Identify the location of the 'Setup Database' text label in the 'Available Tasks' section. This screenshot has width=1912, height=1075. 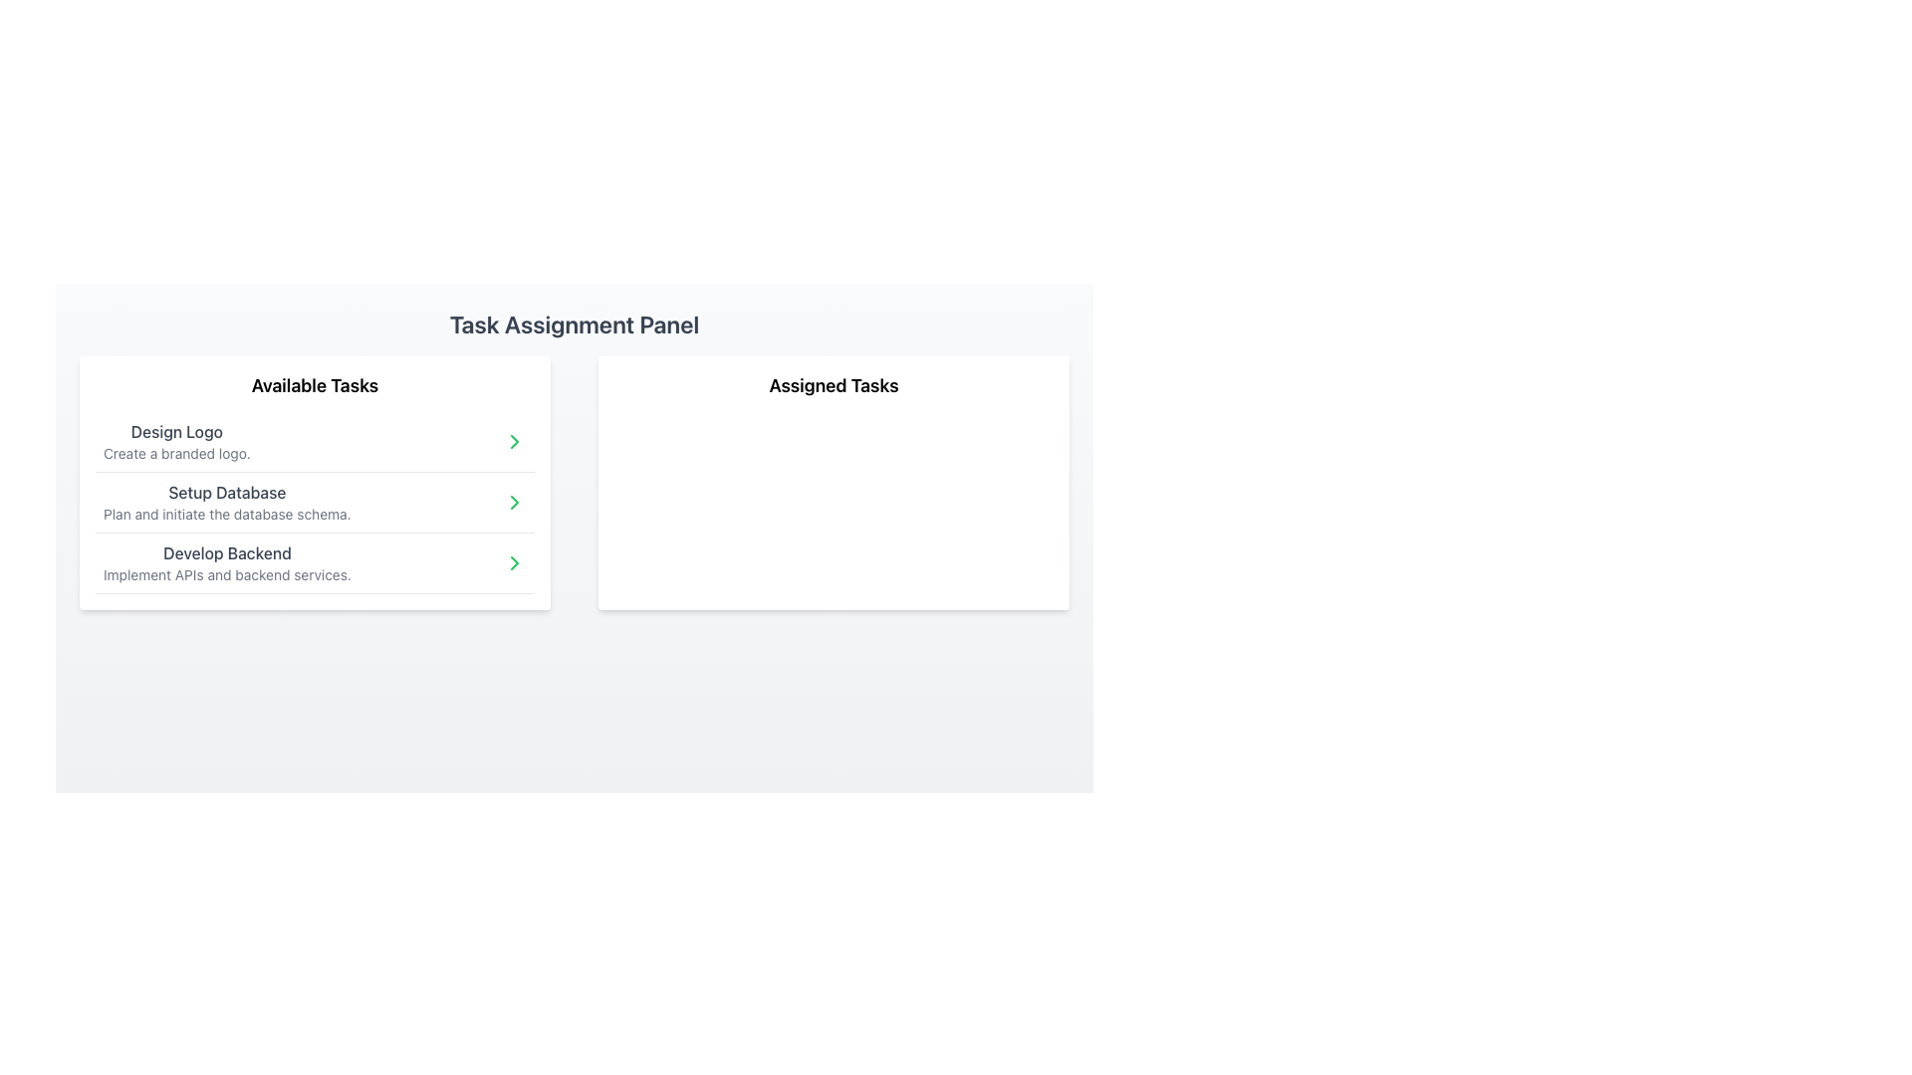
(227, 492).